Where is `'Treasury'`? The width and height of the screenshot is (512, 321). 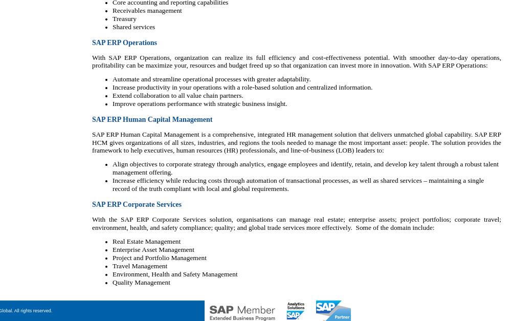
'Treasury' is located at coordinates (124, 18).